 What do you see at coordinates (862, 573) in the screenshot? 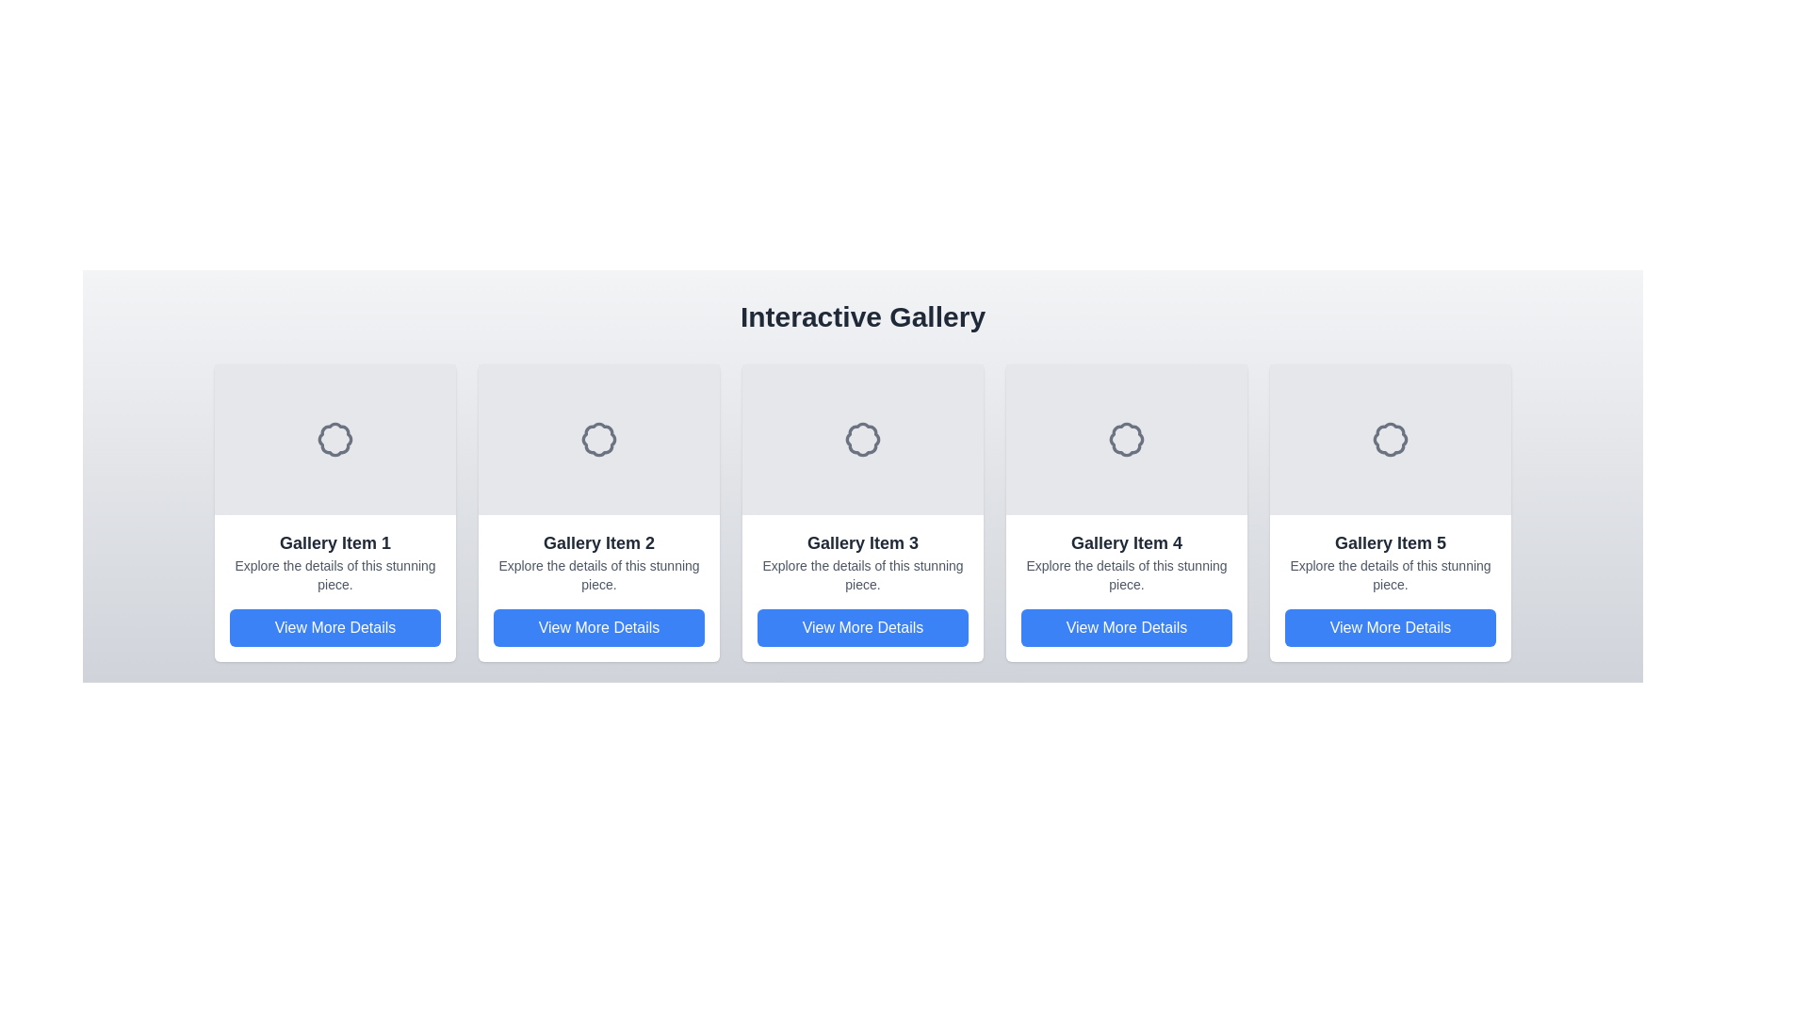
I see `the static text displaying 'Explore the details of this stunning piece.' located between the title 'Gallery Item 3' and the blue button 'View More Details'` at bounding box center [862, 573].